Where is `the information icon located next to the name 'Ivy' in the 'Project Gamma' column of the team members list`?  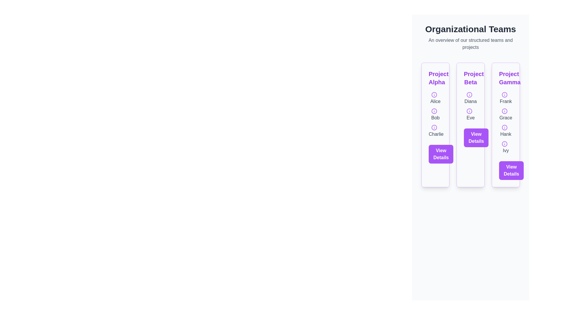 the information icon located next to the name 'Ivy' in the 'Project Gamma' column of the team members list is located at coordinates (504, 143).